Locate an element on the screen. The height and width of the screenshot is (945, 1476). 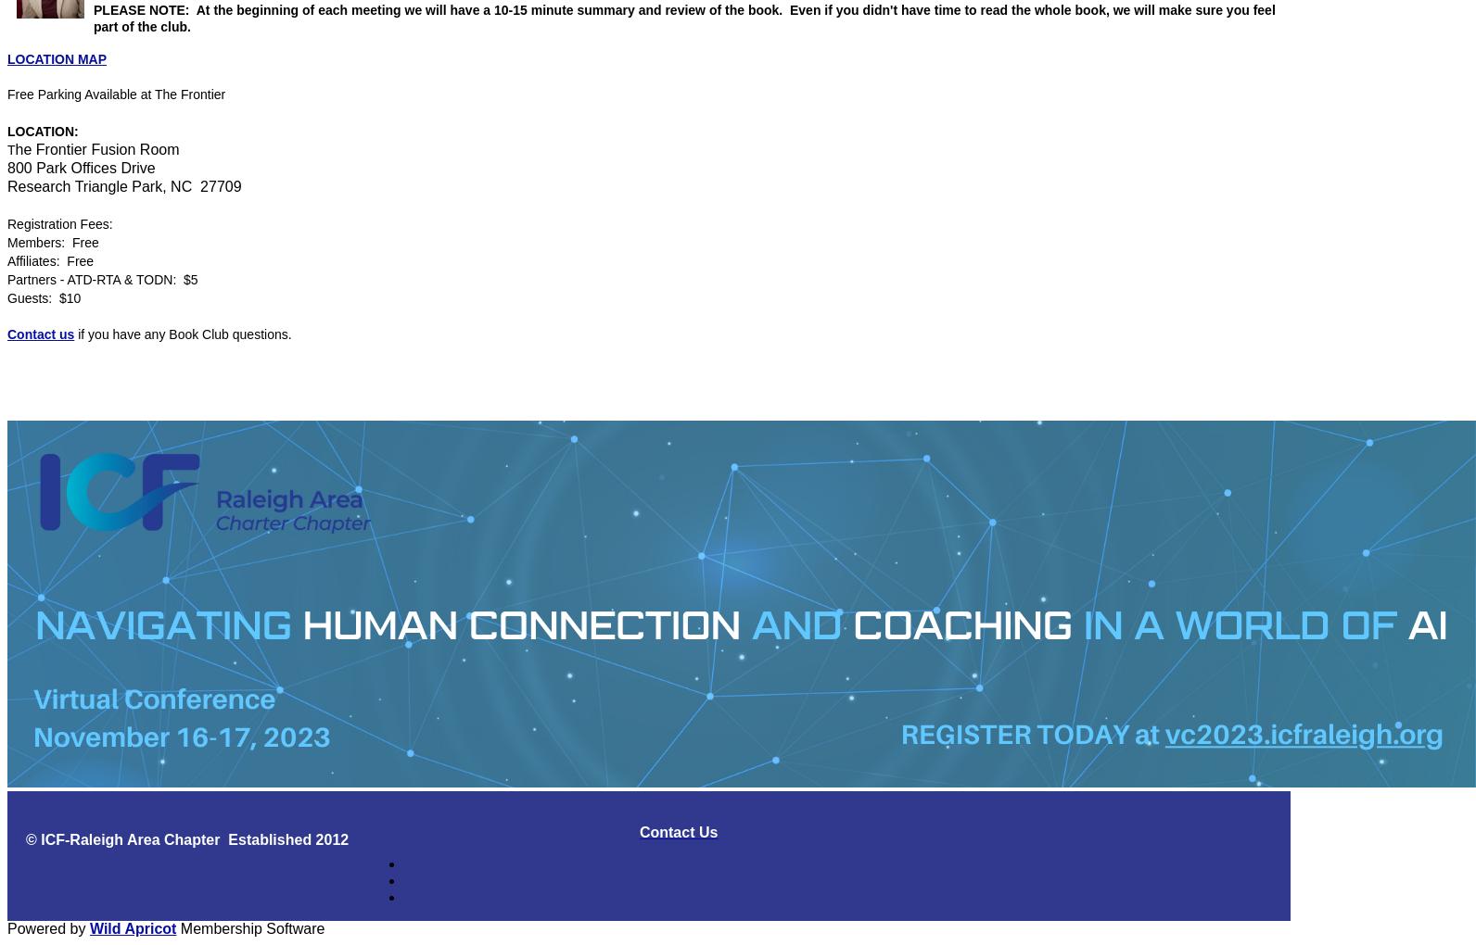
'Powered by' is located at coordinates (48, 927).